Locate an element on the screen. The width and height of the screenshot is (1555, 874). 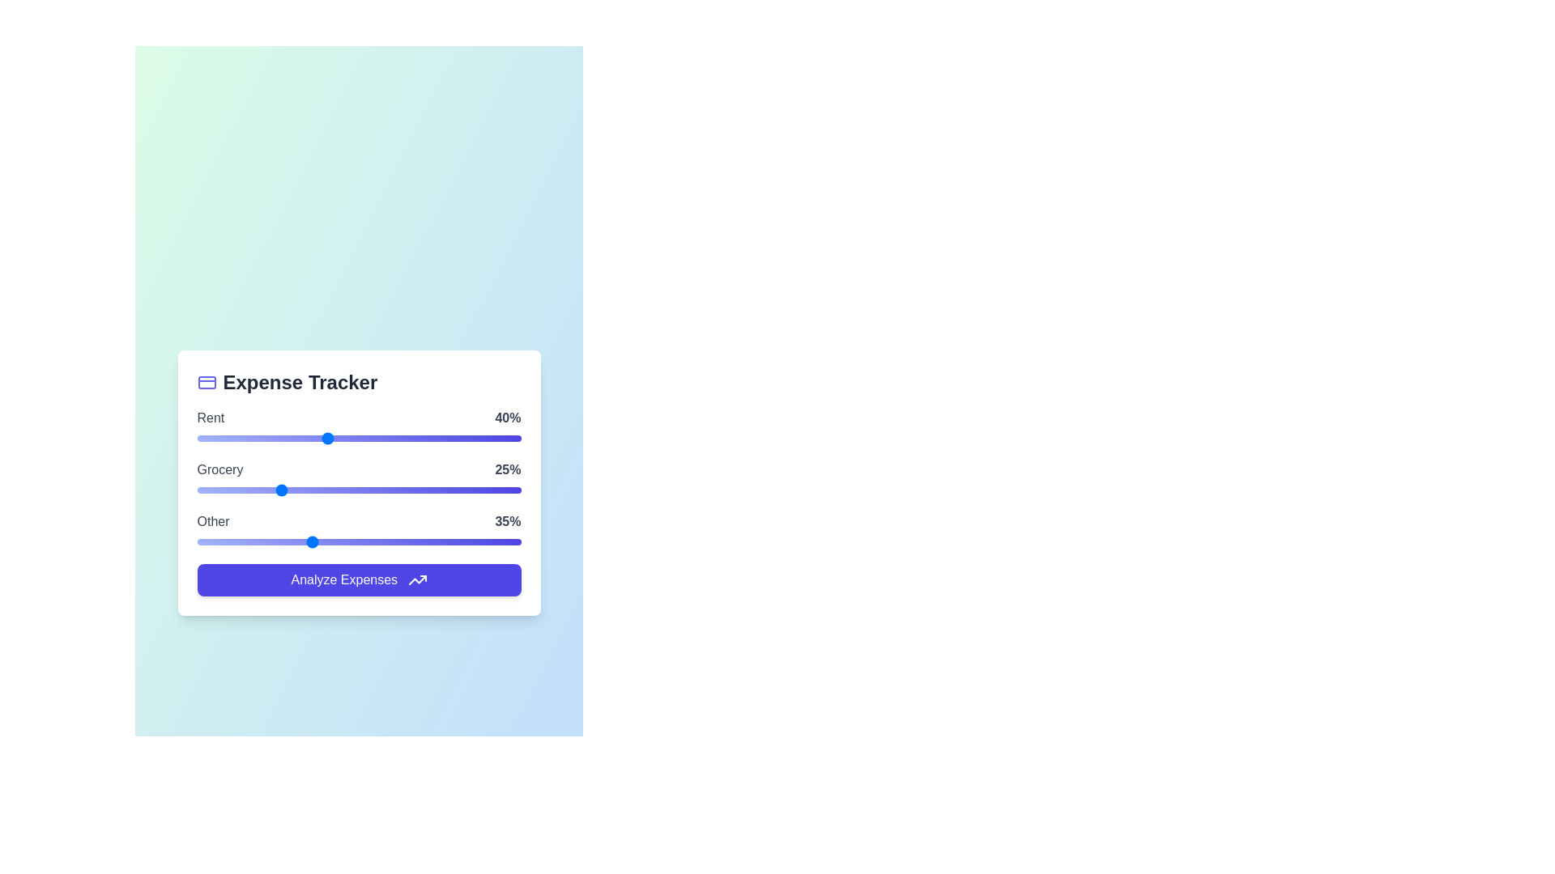
the 'Other' slider to 33% is located at coordinates (304, 541).